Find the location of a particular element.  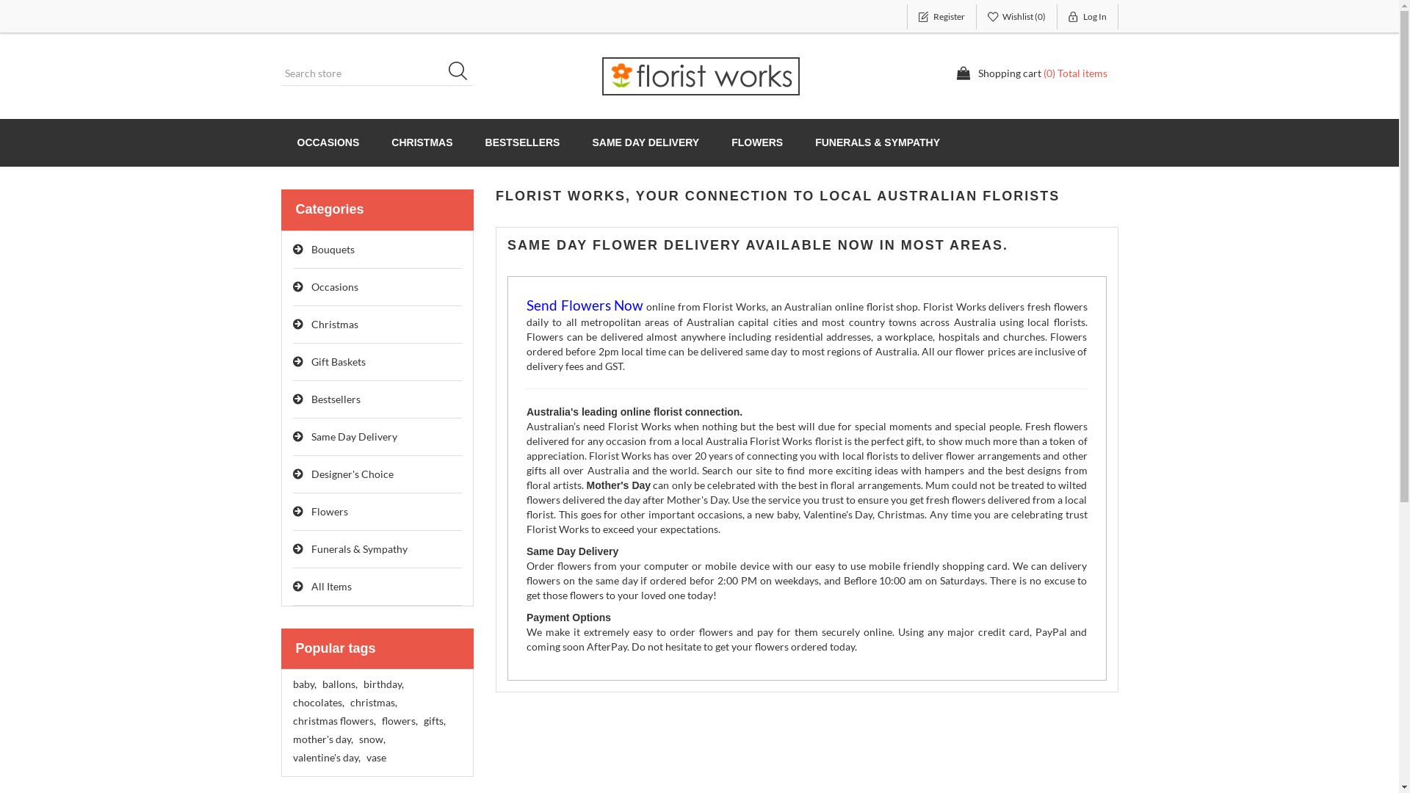

'FUNERALS & SYMPATHY' is located at coordinates (878, 142).